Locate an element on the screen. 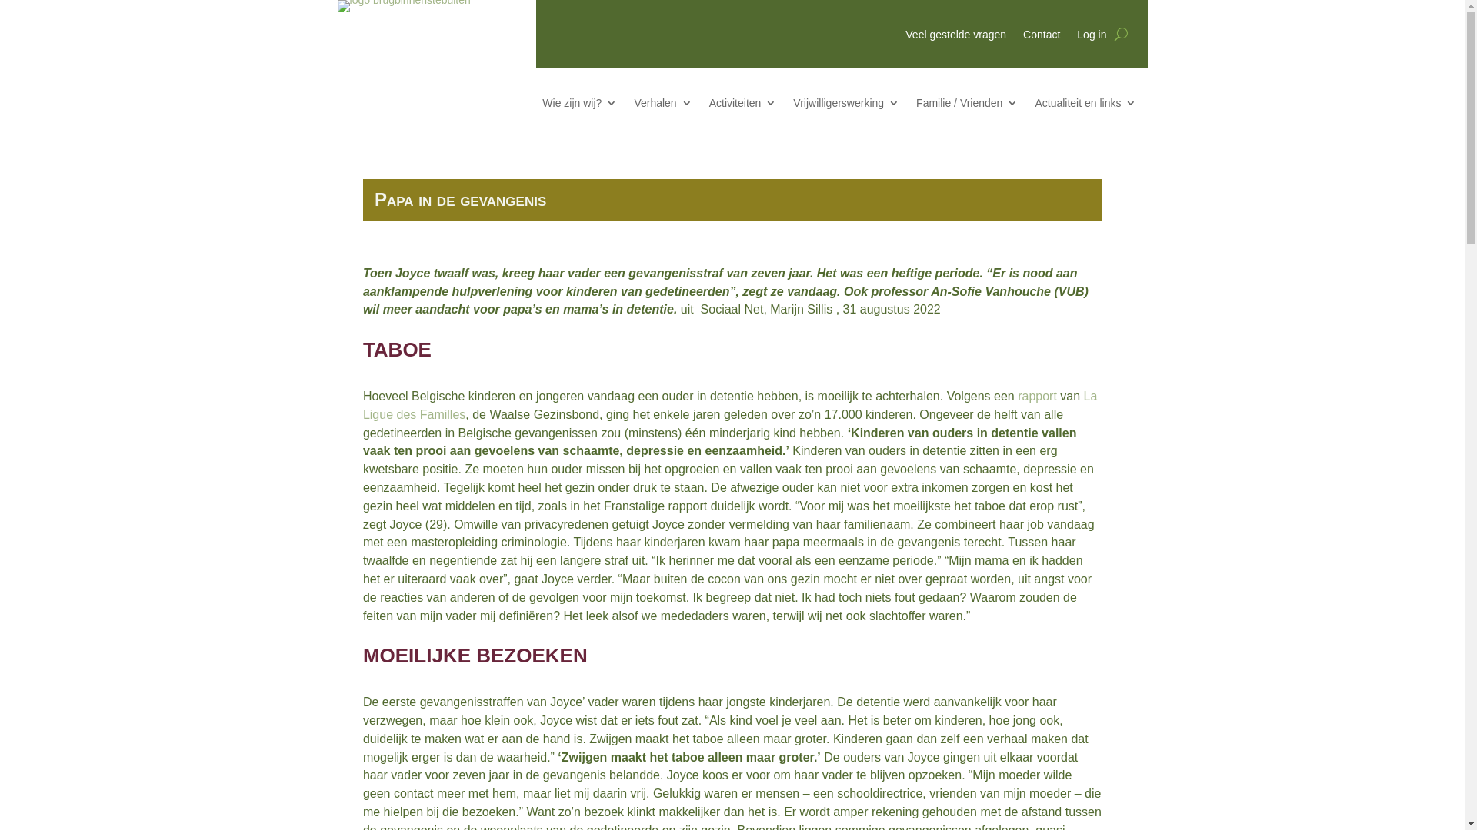  'Veel gestelde vragen' is located at coordinates (905, 37).